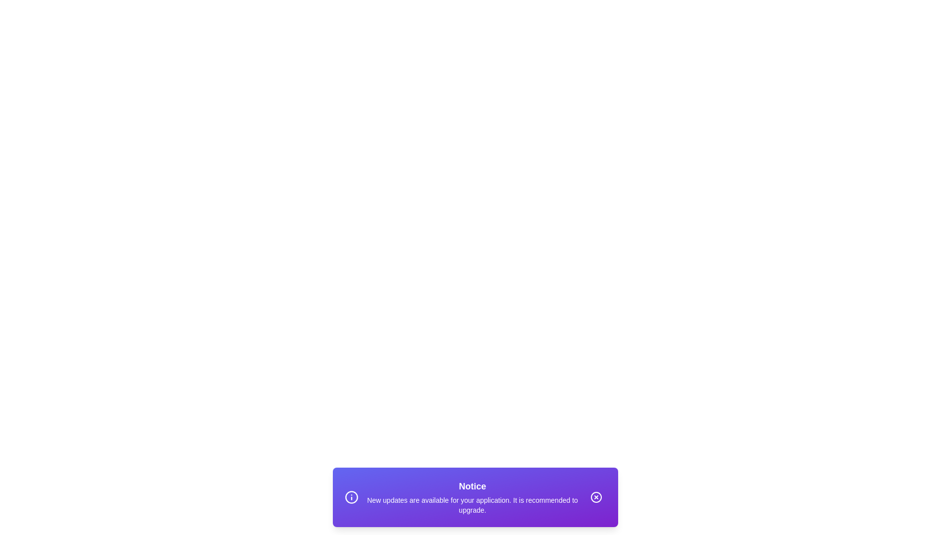 This screenshot has width=951, height=535. I want to click on the information icon to view additional information, so click(352, 497).